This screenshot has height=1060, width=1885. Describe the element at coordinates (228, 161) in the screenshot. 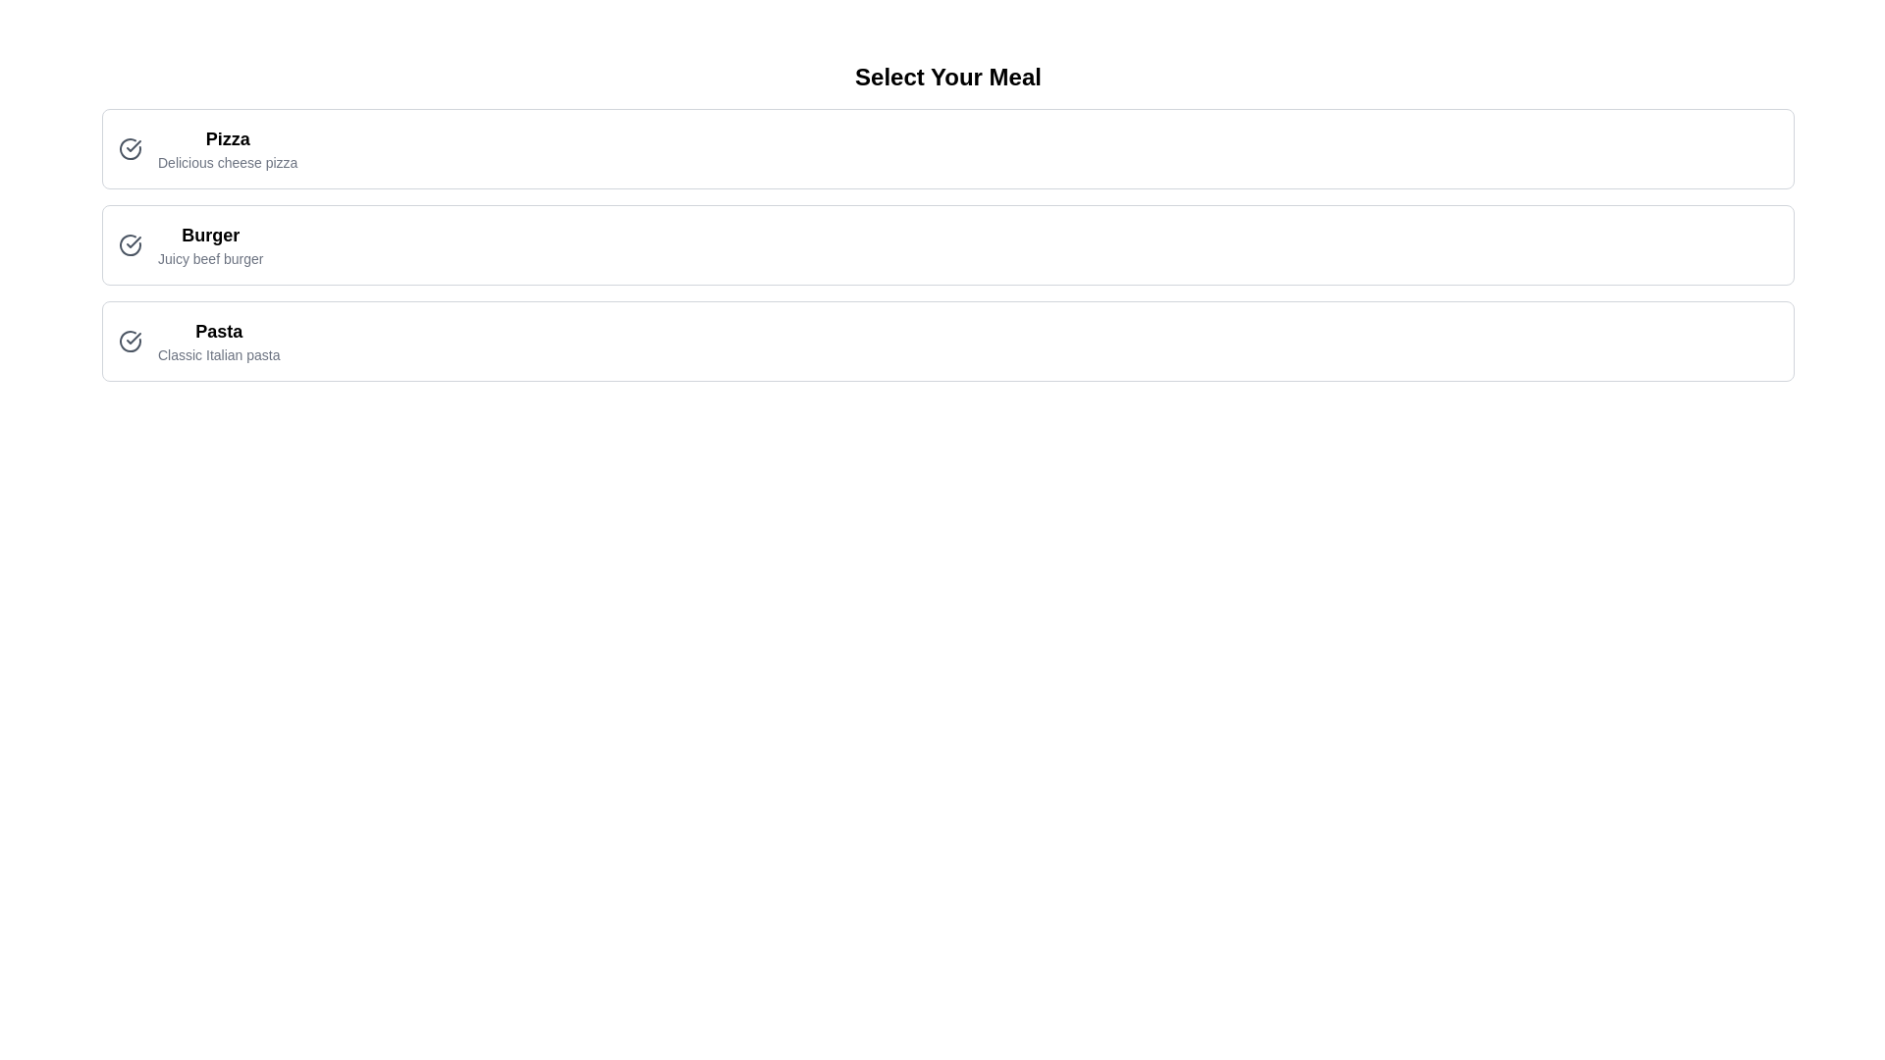

I see `descriptive text label for the meal option 'Pizza', which is located below the title of 'Pizza' in the meal selection list` at that location.